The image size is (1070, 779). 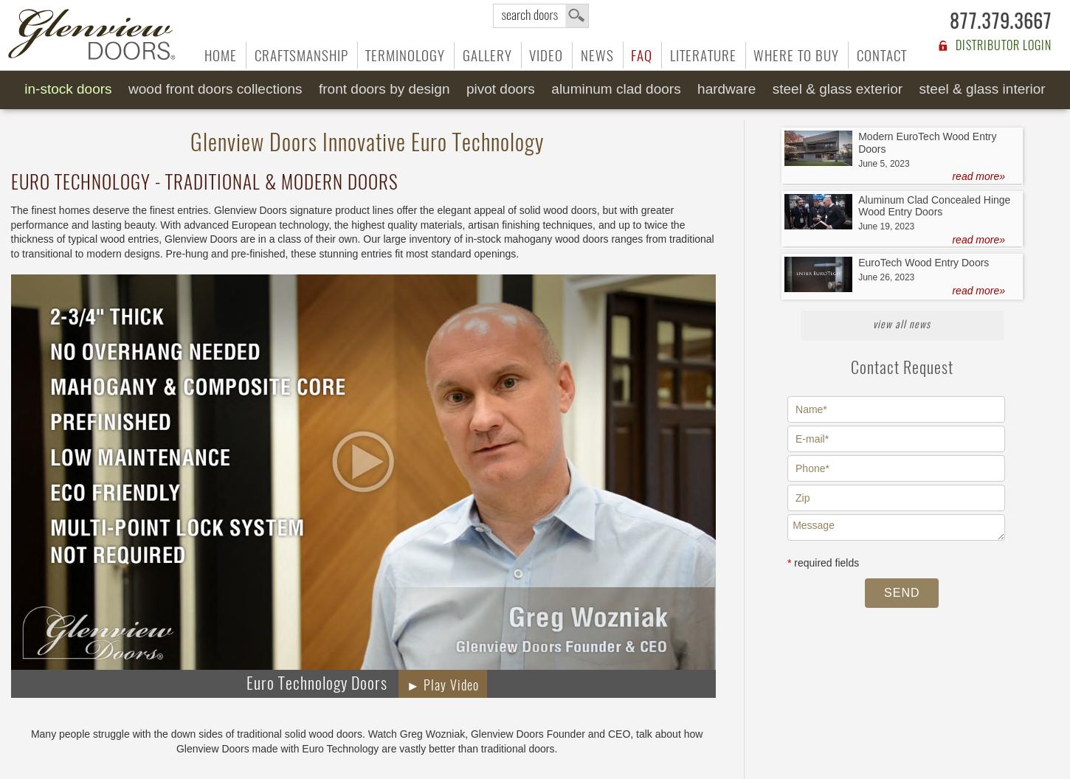 I want to click on '108" (9') Height', so click(x=541, y=130).